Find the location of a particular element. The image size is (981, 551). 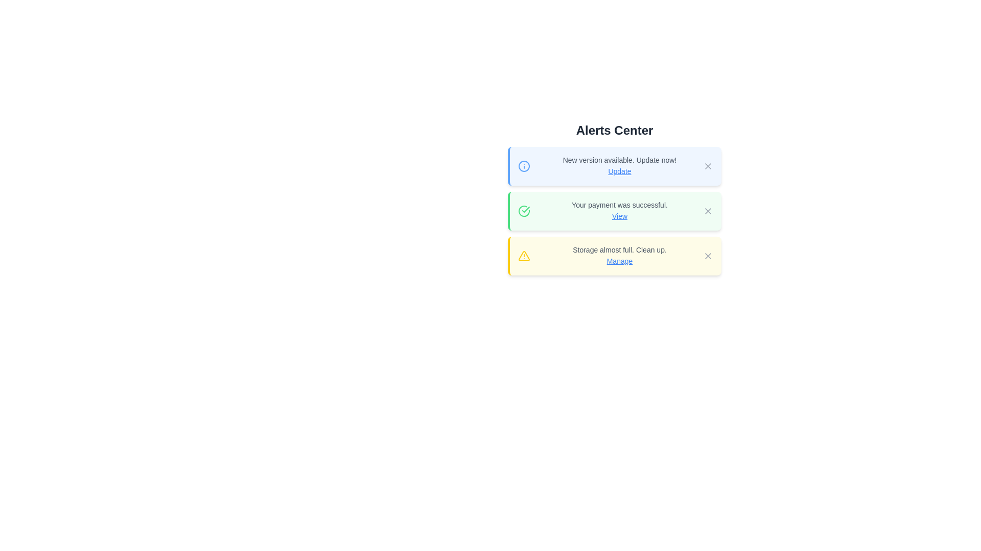

the warning symbol icon located to the left of the notification text in the 'Storage almost full. Clean up.' alert is located at coordinates (524, 255).